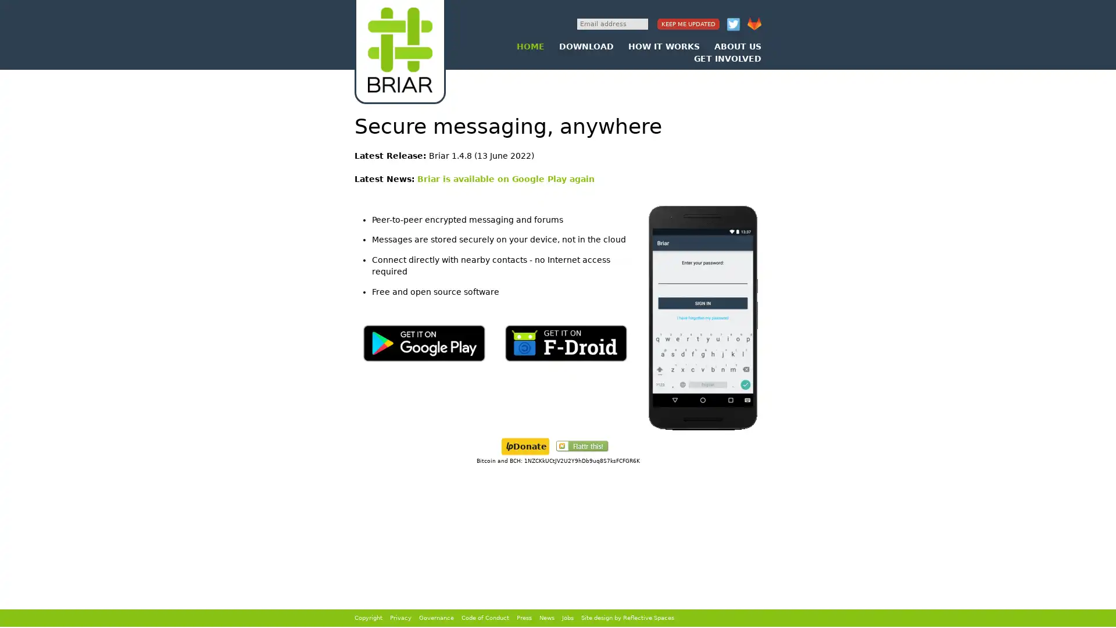 The height and width of the screenshot is (628, 1116). What do you see at coordinates (688, 24) in the screenshot?
I see `KEEP ME UPDATED` at bounding box center [688, 24].